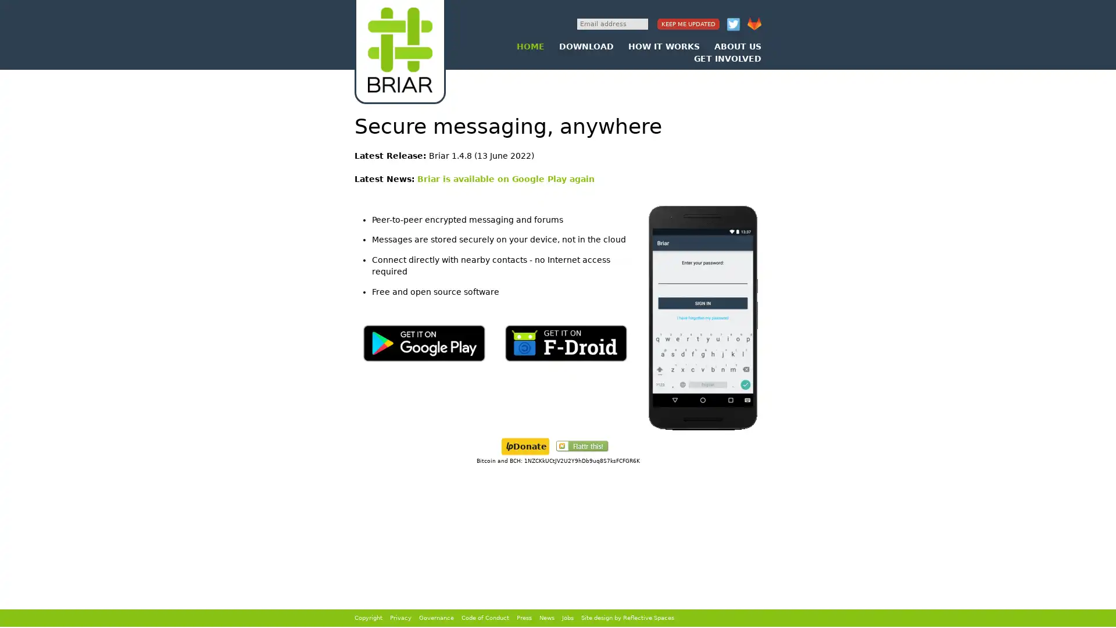 The height and width of the screenshot is (628, 1116). What do you see at coordinates (688, 24) in the screenshot?
I see `KEEP ME UPDATED` at bounding box center [688, 24].